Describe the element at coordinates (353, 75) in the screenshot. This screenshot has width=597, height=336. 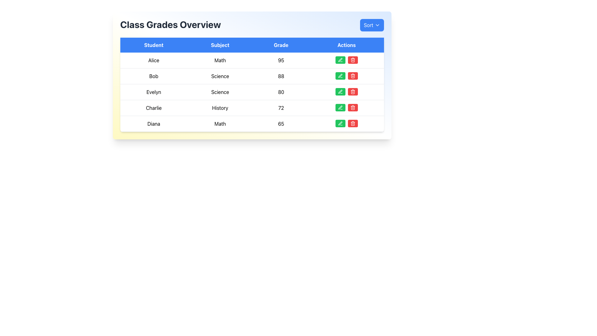
I see `the small trash icon button with a red background in the 'Actions' column of the table row for 'Bob'` at that location.